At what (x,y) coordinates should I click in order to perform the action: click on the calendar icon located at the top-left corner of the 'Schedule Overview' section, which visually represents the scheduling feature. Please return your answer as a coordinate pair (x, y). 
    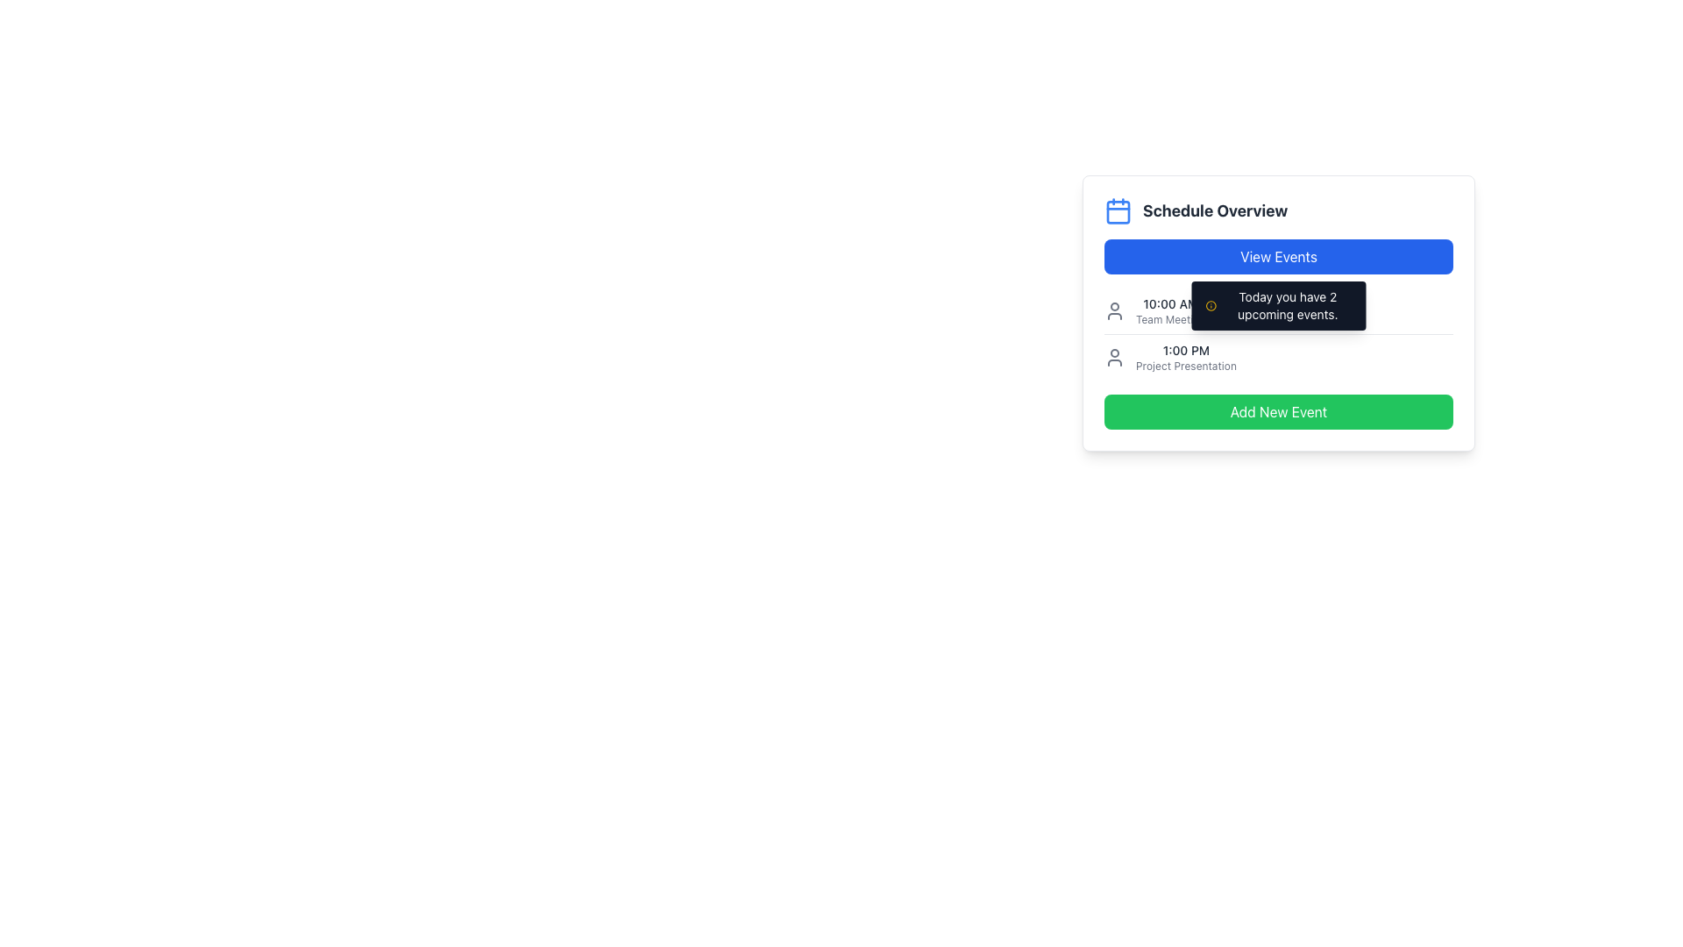
    Looking at the image, I should click on (1118, 210).